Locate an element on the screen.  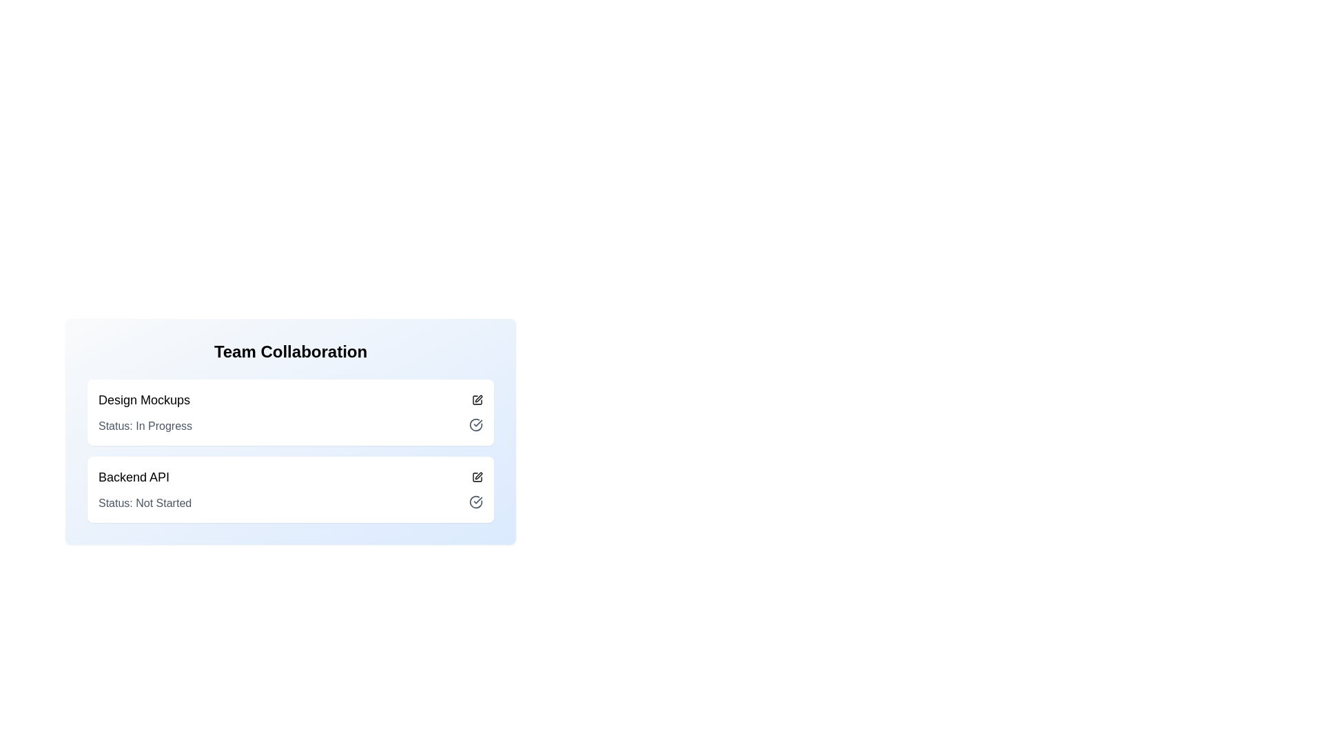
the circular checkmark icon located to the right of the 'Status: Not Started' text in the 'Backend API' section to mark the status as completed is located at coordinates (476, 502).